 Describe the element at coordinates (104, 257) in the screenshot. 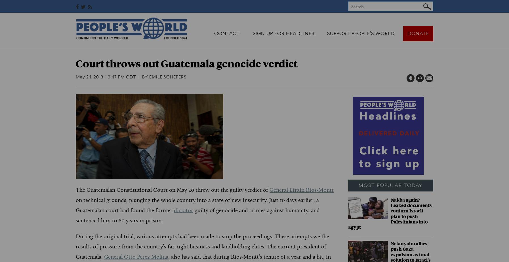

I see `'General Otto Perez Molina'` at that location.